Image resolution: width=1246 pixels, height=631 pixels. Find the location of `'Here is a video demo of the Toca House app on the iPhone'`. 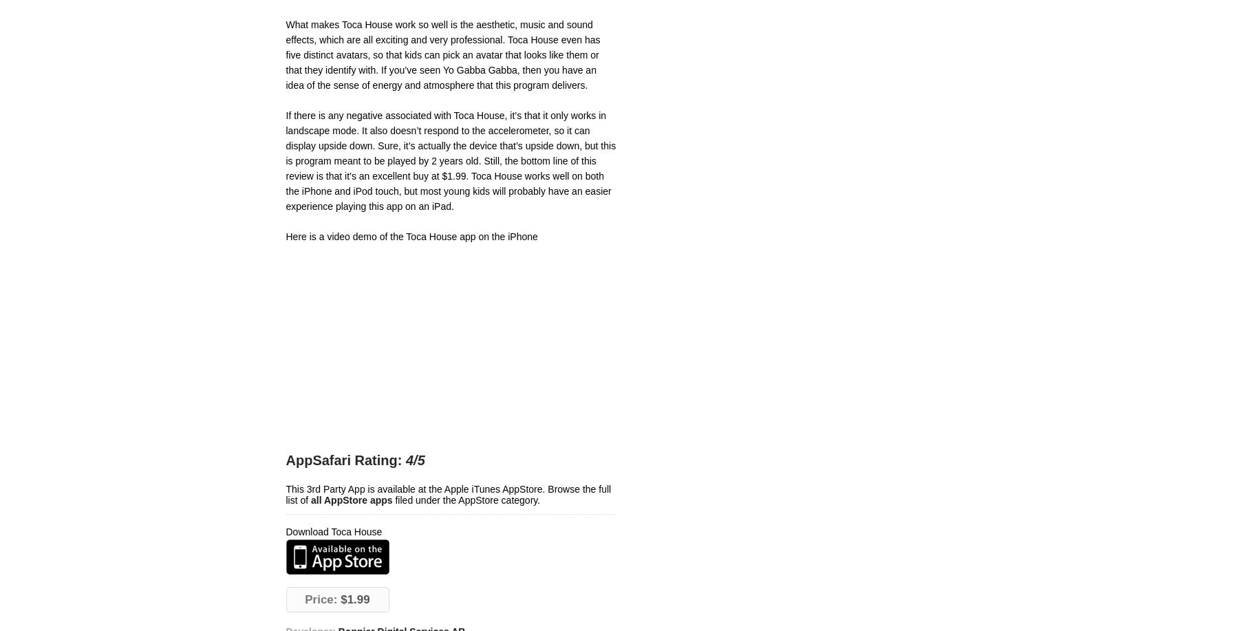

'Here is a video demo of the Toca House app on the iPhone' is located at coordinates (286, 235).